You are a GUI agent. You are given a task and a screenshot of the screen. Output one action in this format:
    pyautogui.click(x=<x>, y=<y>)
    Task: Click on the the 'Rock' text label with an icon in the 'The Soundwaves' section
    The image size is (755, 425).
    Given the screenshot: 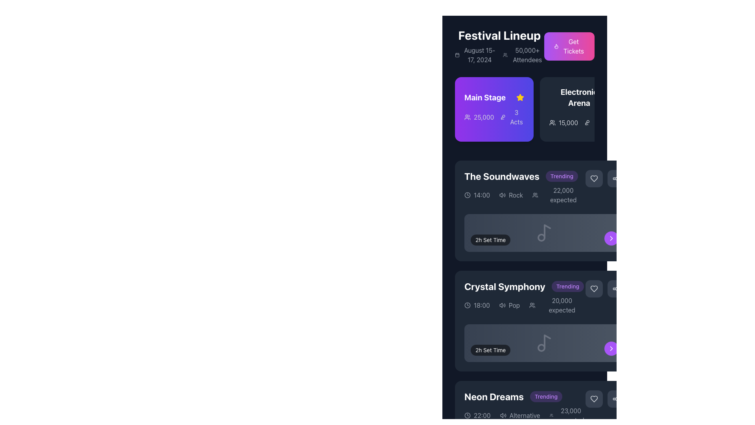 What is the action you would take?
    pyautogui.click(x=511, y=195)
    